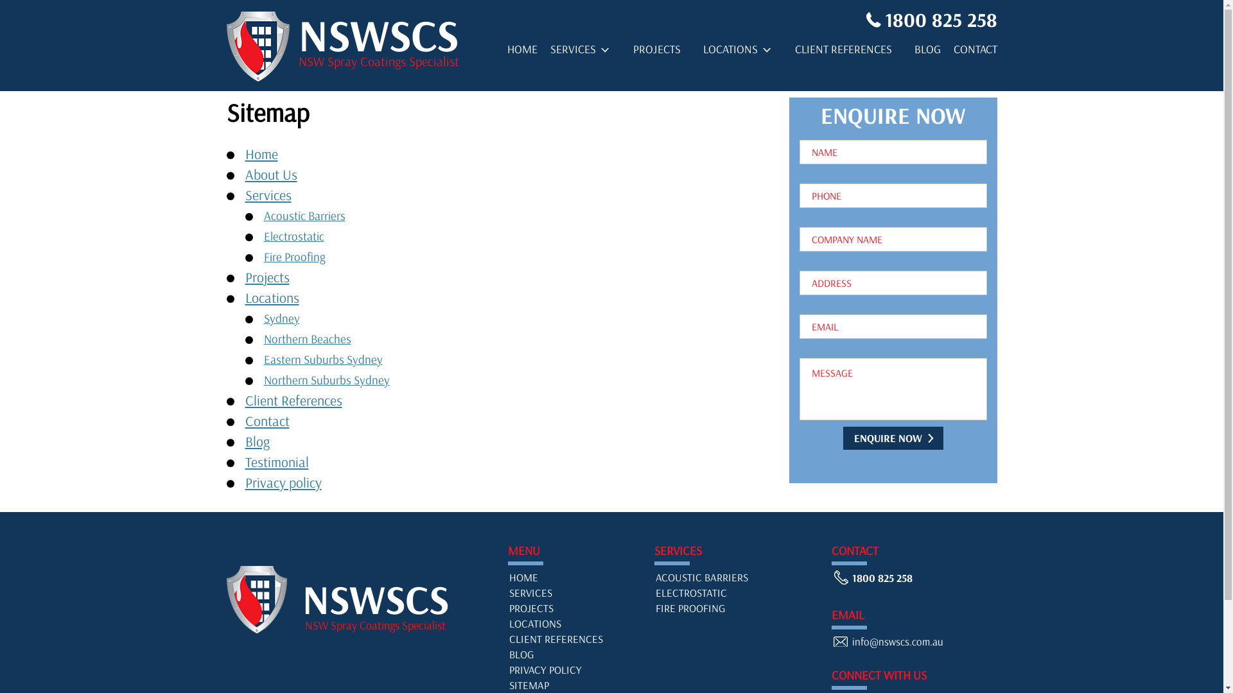 This screenshot has width=1233, height=693. I want to click on 'HOME', so click(522, 50).